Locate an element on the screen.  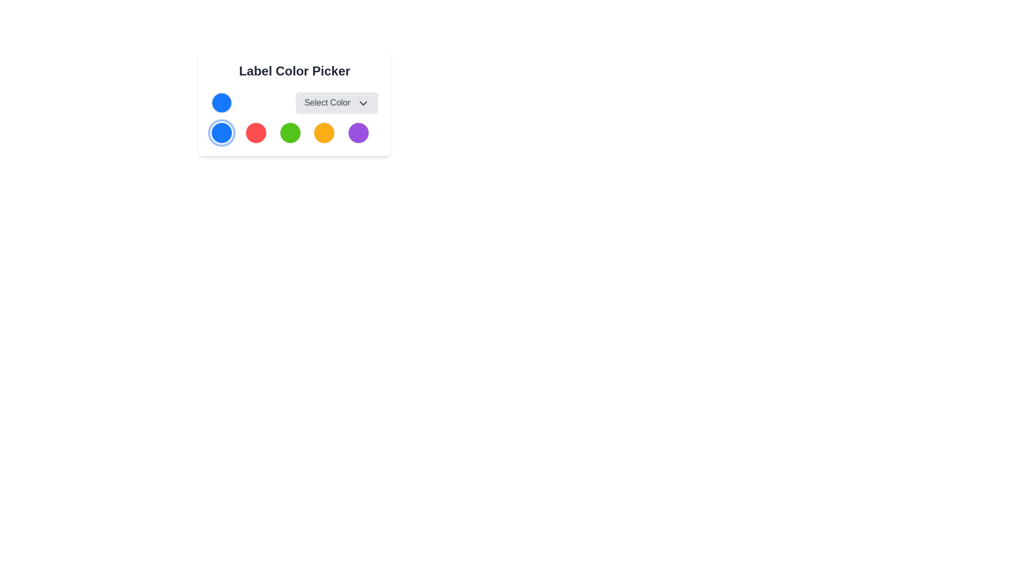
the 'Select Color' dropdown menu in the color picker module is located at coordinates (294, 103).